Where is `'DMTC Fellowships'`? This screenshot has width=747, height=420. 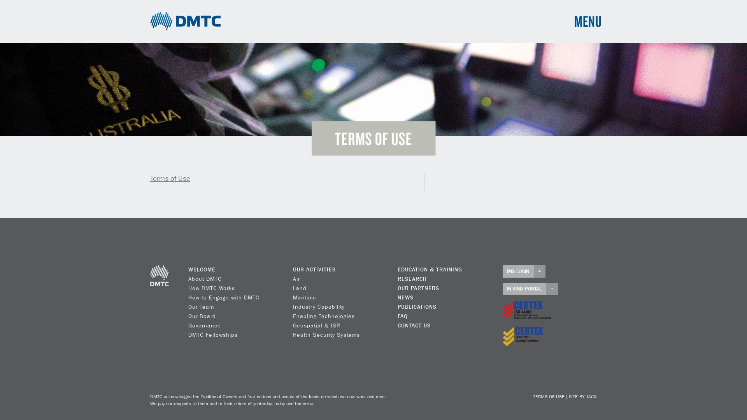
'DMTC Fellowships' is located at coordinates (188, 334).